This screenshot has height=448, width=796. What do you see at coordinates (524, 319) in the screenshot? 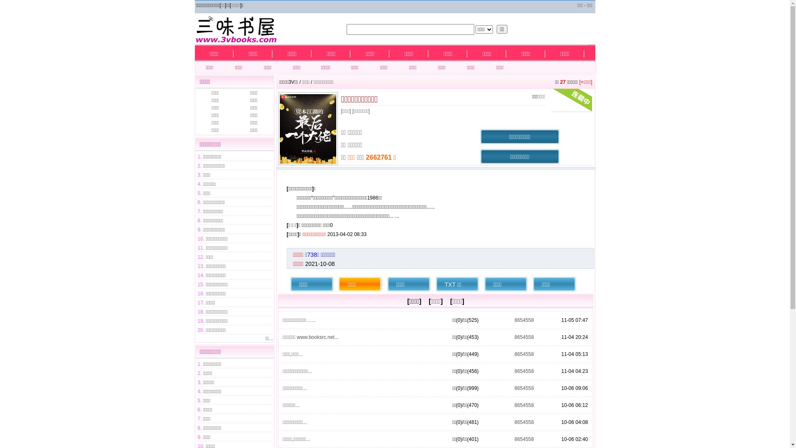
I see `'8654558'` at bounding box center [524, 319].